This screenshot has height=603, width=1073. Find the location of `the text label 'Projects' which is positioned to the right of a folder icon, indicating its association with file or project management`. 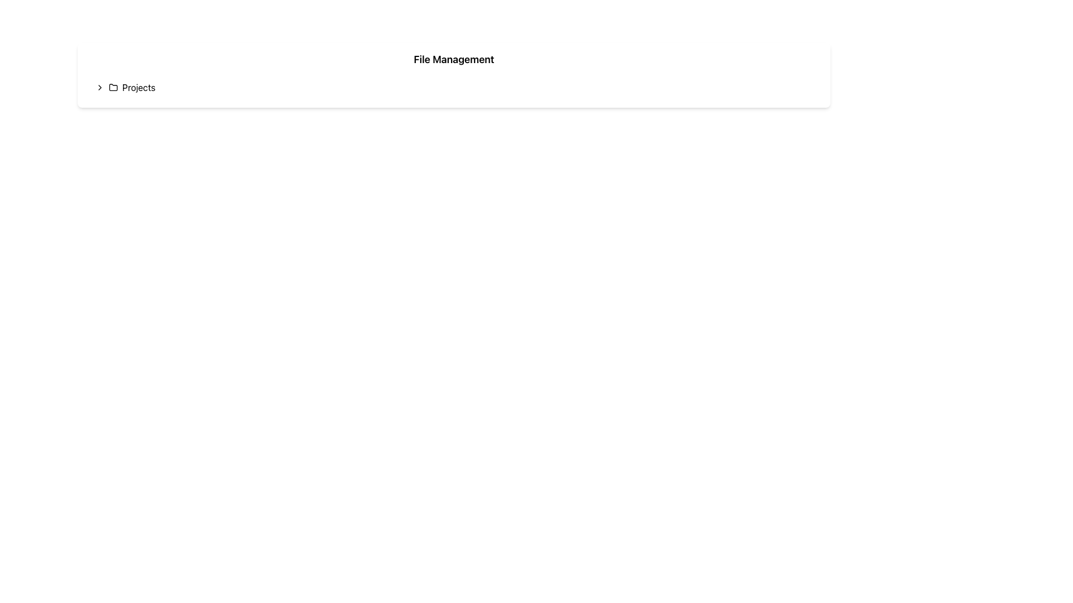

the text label 'Projects' which is positioned to the right of a folder icon, indicating its association with file or project management is located at coordinates (138, 87).